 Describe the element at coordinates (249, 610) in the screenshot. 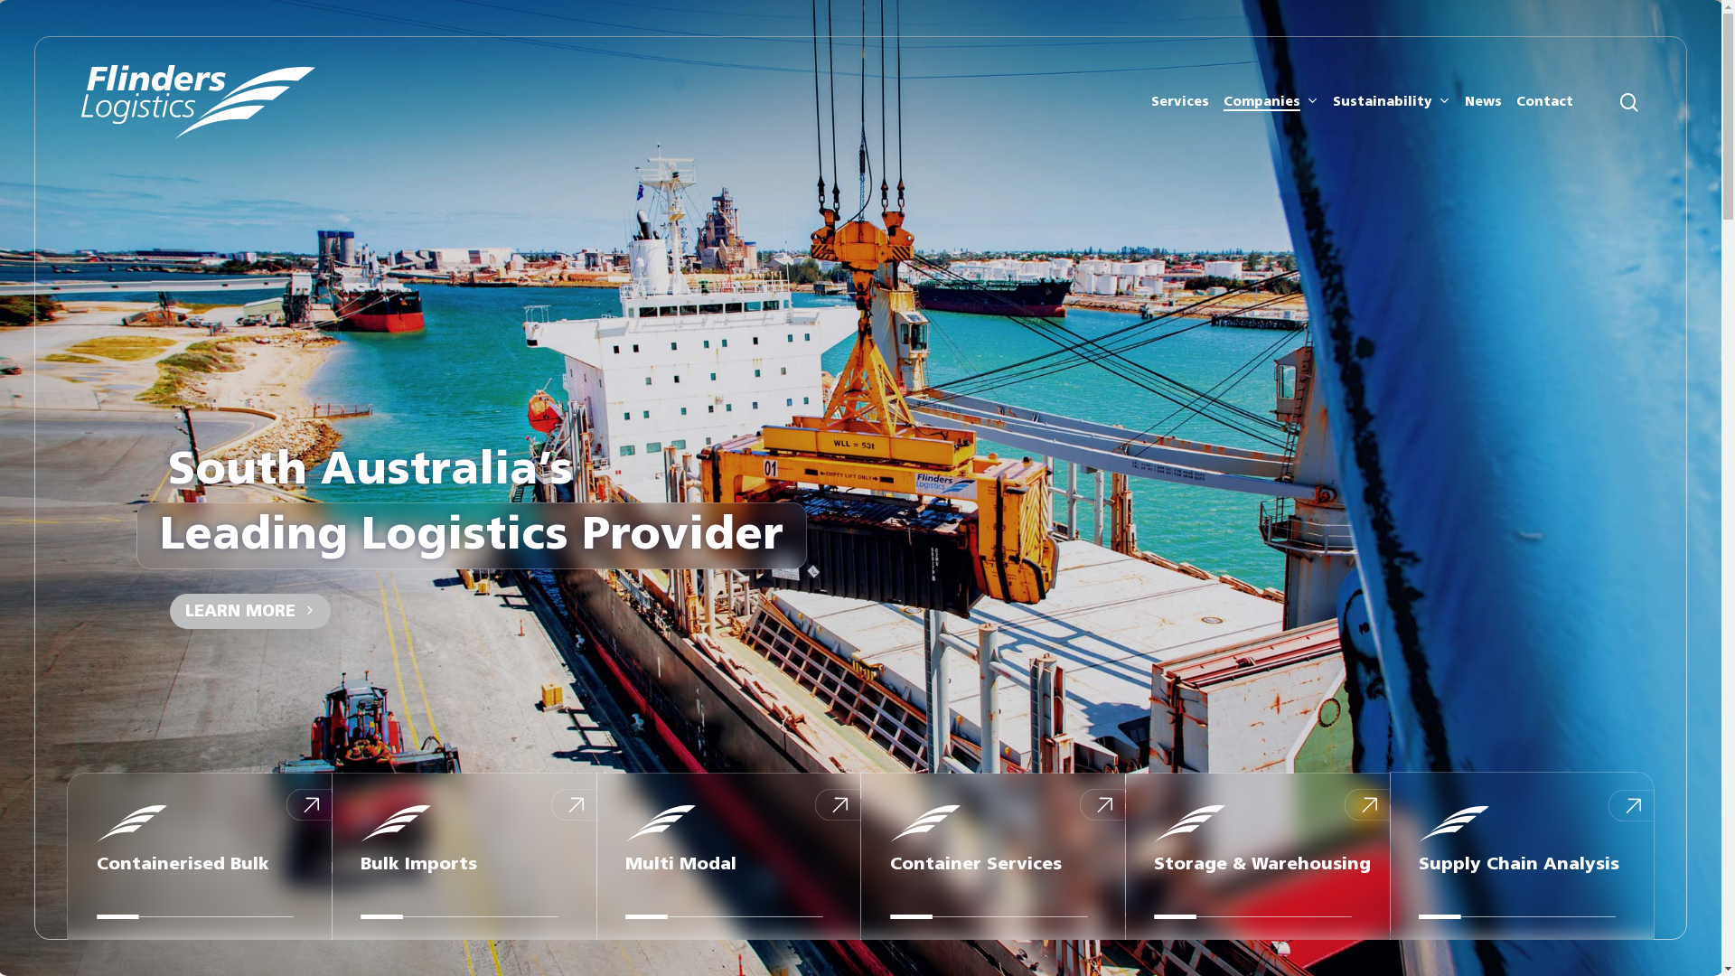

I see `'LEARN MORE'` at that location.